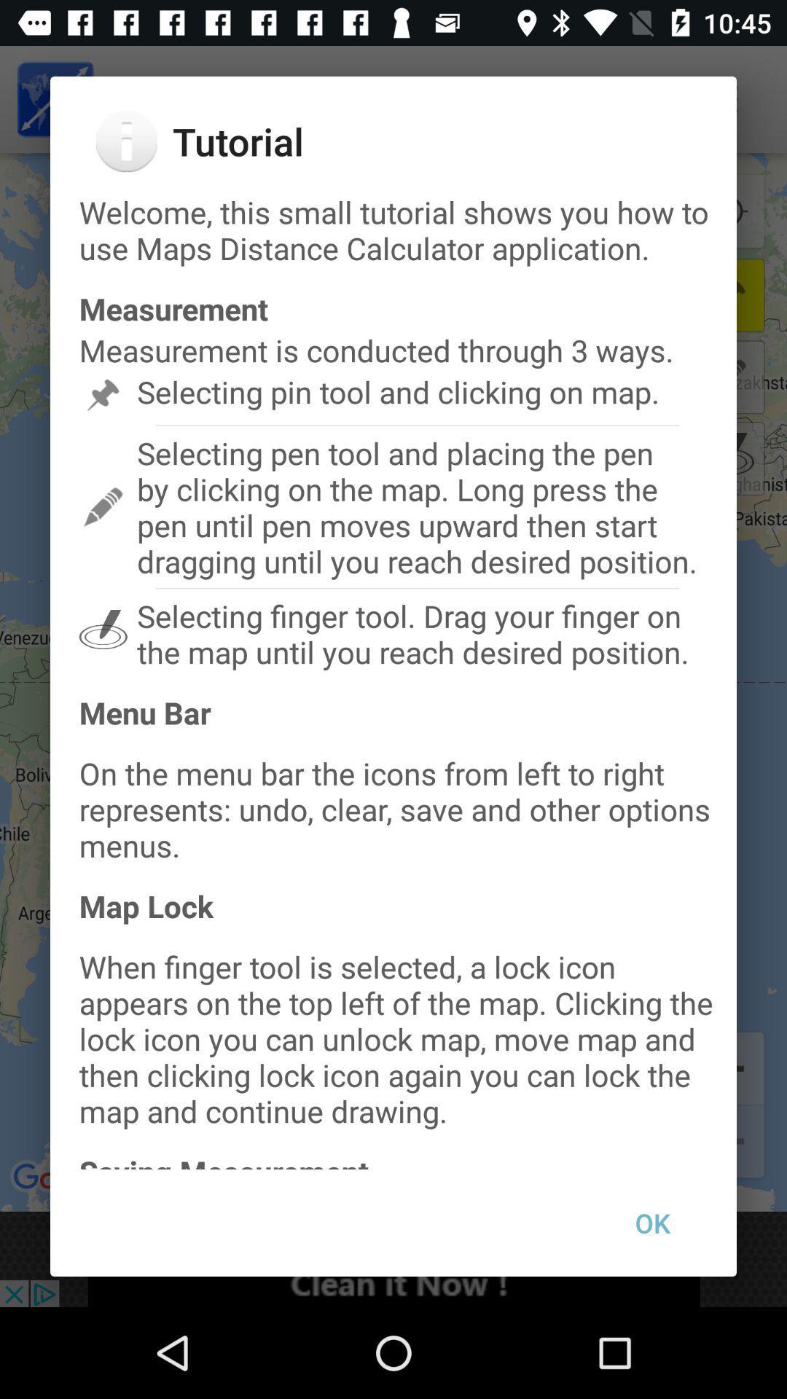 The image size is (787, 1399). What do you see at coordinates (651, 1223) in the screenshot?
I see `the ok item` at bounding box center [651, 1223].